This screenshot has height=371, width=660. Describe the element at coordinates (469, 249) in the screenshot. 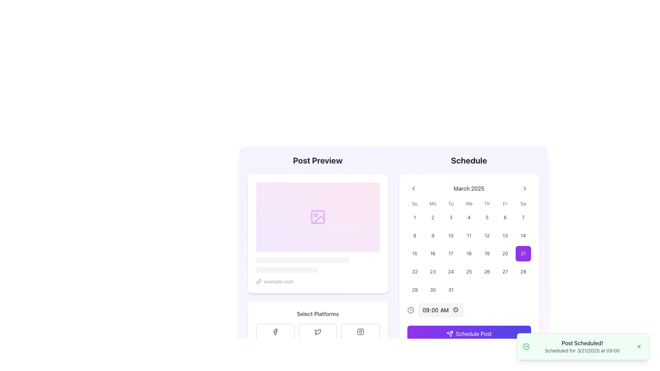

I see `to select multiple dates within the Calendar grid located in the 'Schedule' section, specifically targeting the highlighted cell labeled '21' and extending the selection across multiple cells` at that location.